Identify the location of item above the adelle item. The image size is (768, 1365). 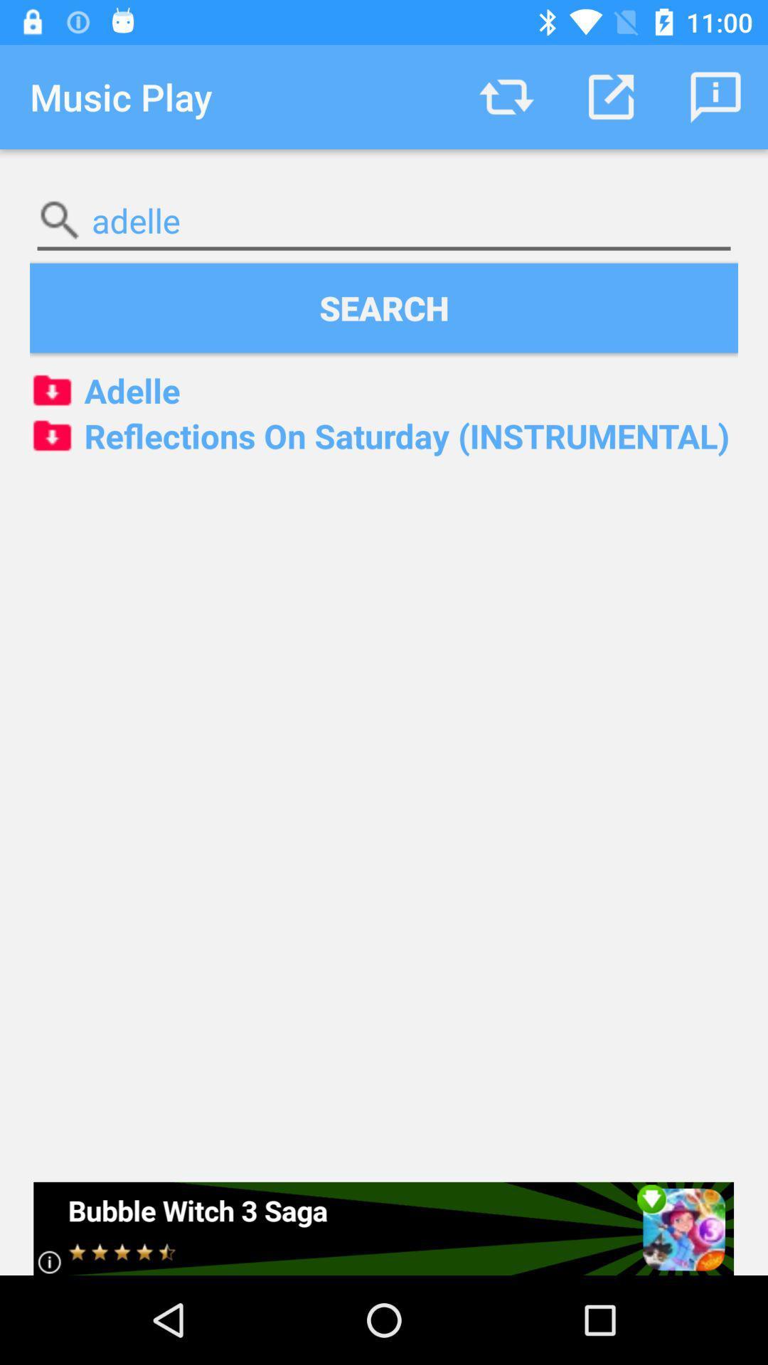
(506, 96).